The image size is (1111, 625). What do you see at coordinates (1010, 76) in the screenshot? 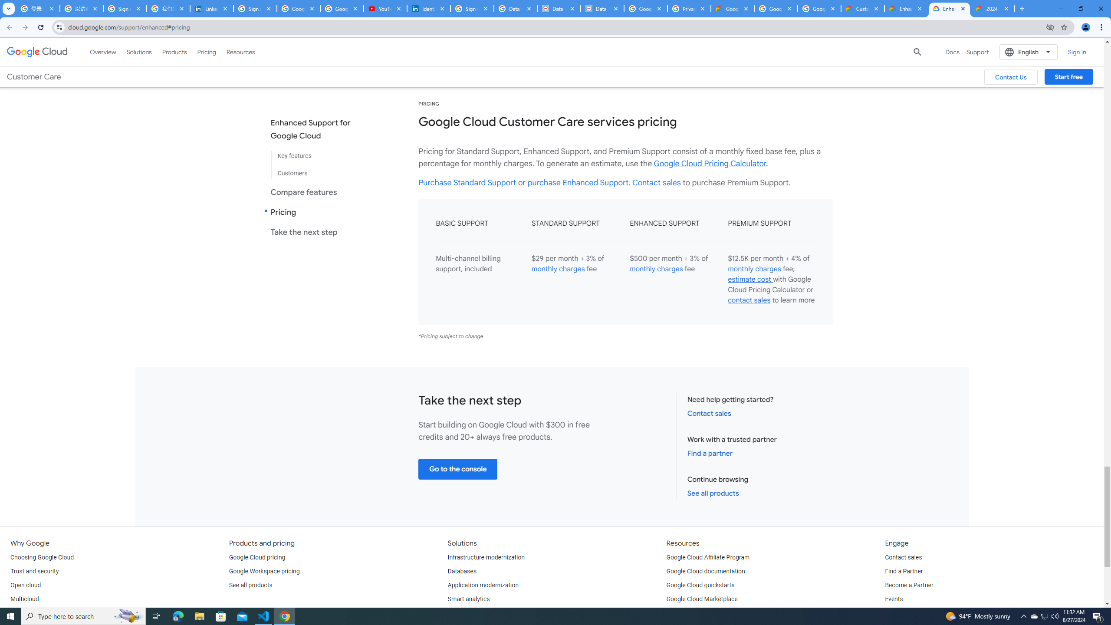
I see `'Contact Us'` at bounding box center [1010, 76].